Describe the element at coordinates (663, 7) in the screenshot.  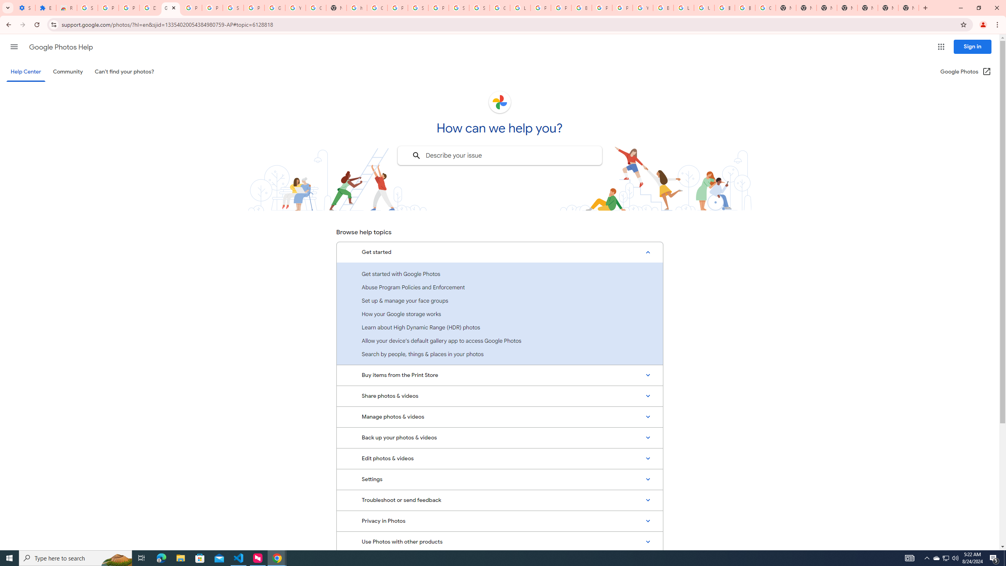
I see `'Browse Chrome as a guest - Computer - Google Chrome Help'` at that location.